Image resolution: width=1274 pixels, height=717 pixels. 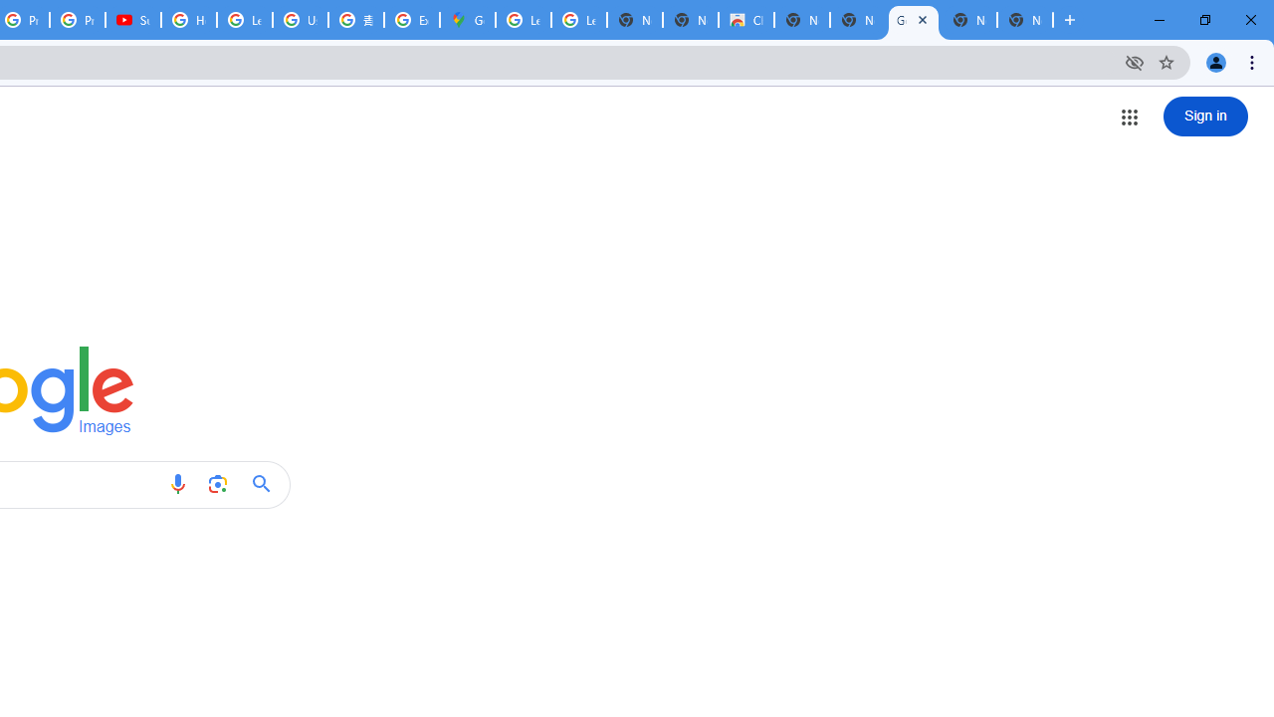 I want to click on 'How Chrome protects your passwords - Google Chrome Help', so click(x=189, y=20).